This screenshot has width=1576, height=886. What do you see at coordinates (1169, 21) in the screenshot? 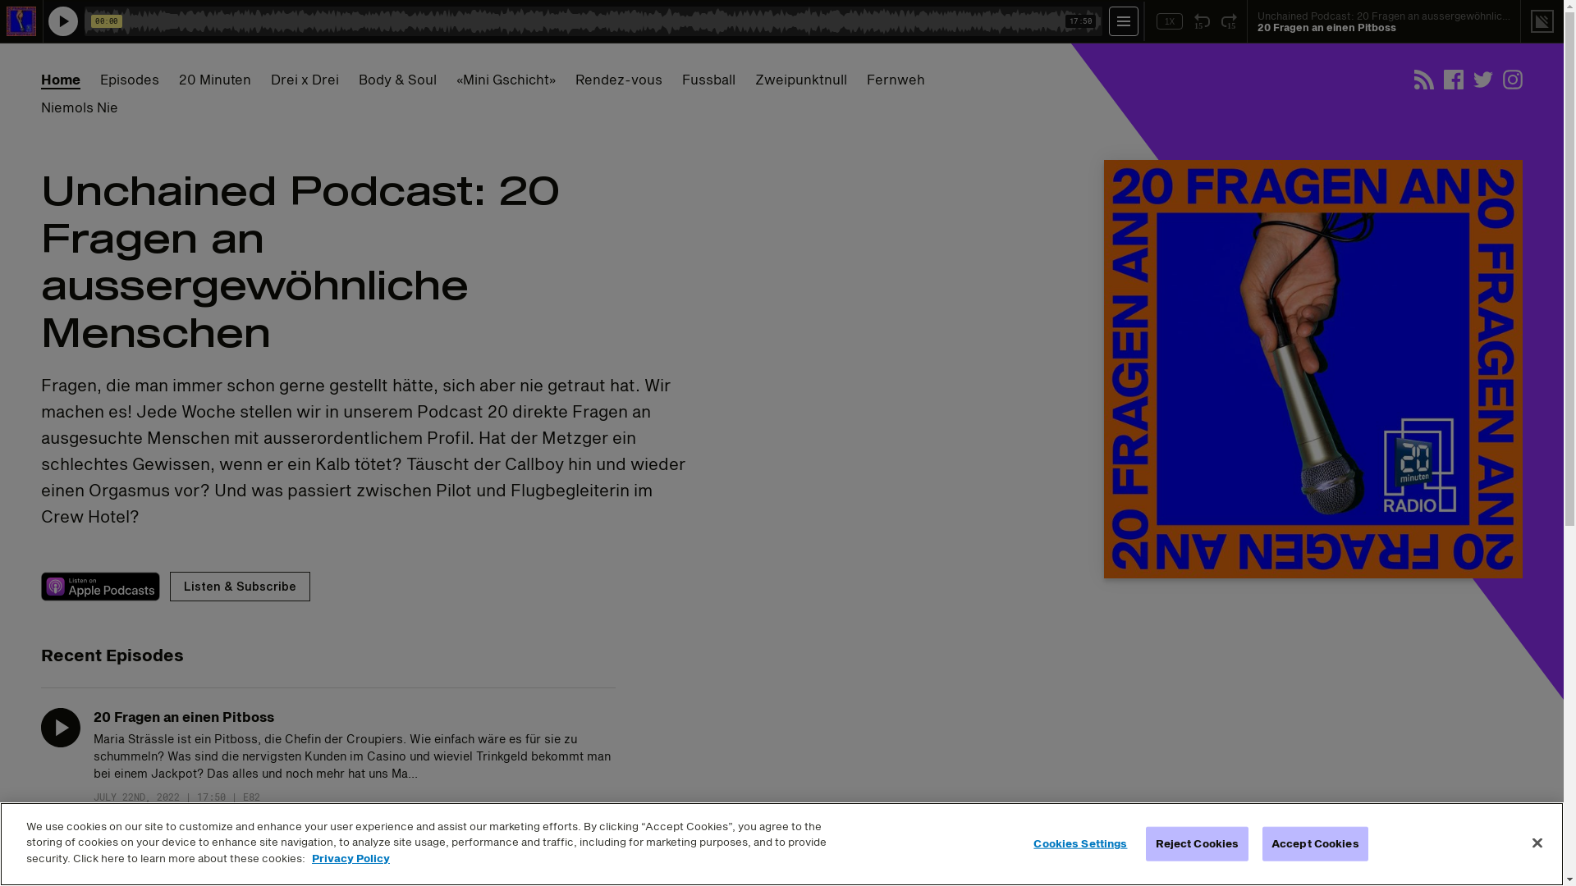
I see `'1X'` at bounding box center [1169, 21].